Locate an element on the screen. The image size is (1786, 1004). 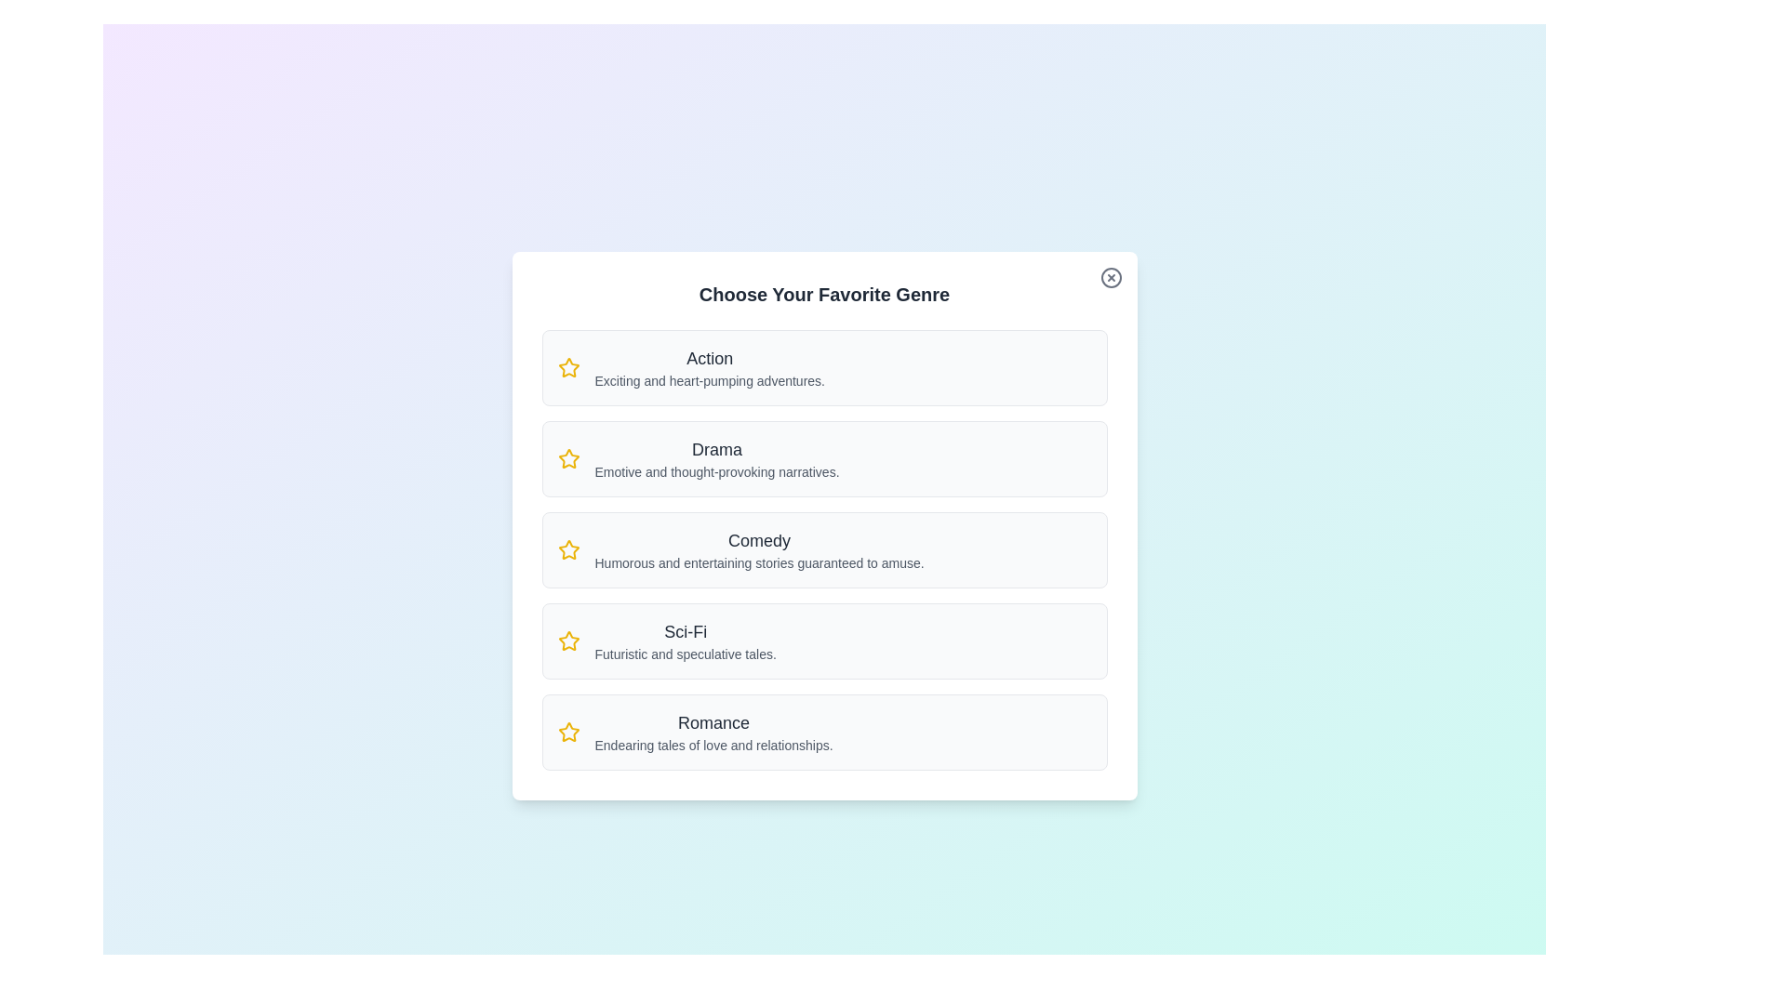
the genre description for Drama is located at coordinates (716, 458).